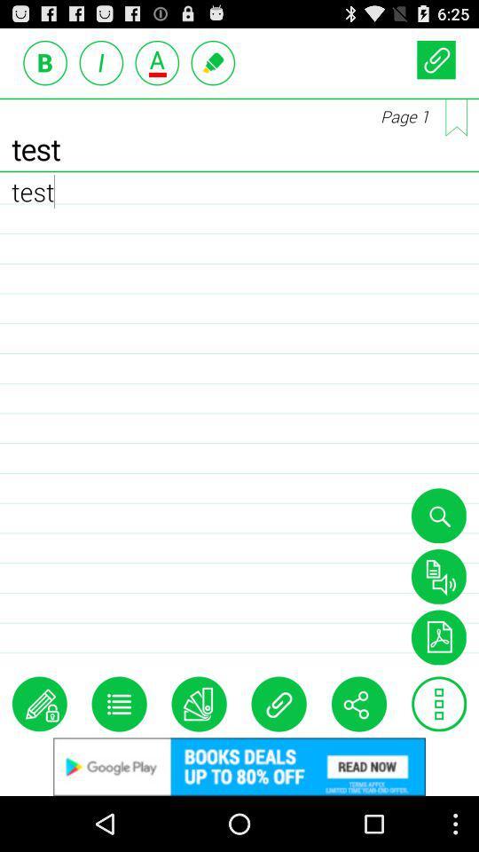 Image resolution: width=479 pixels, height=852 pixels. I want to click on insert attachment, so click(279, 704).